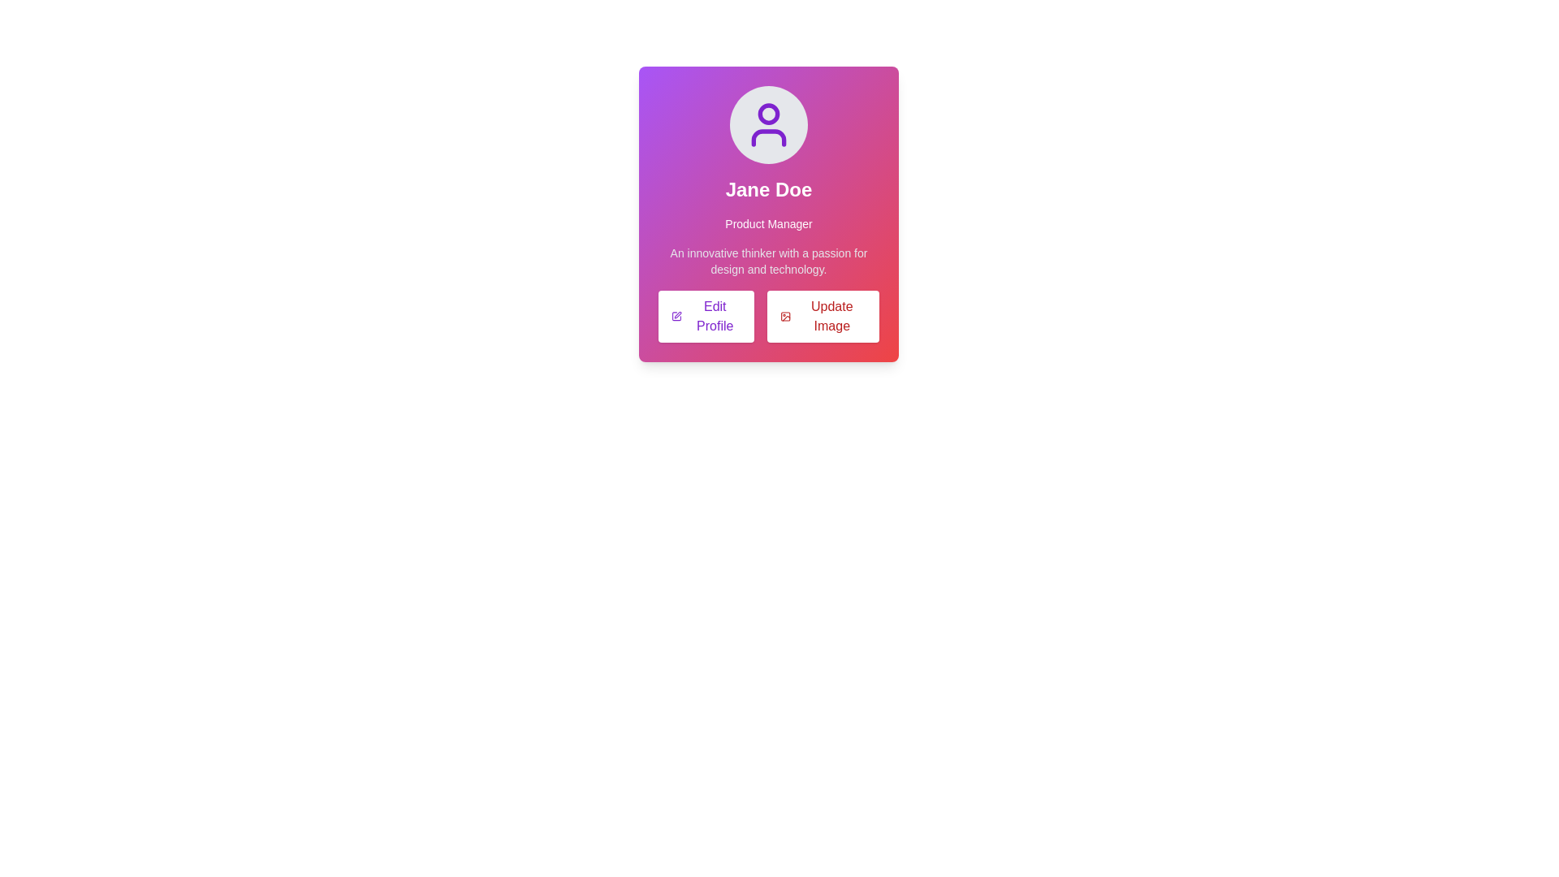 The height and width of the screenshot is (877, 1559). What do you see at coordinates (767, 260) in the screenshot?
I see `text element displaying 'An innovative thinker with a passion for design and technology.' which is centrally positioned above the action buttons in the card` at bounding box center [767, 260].